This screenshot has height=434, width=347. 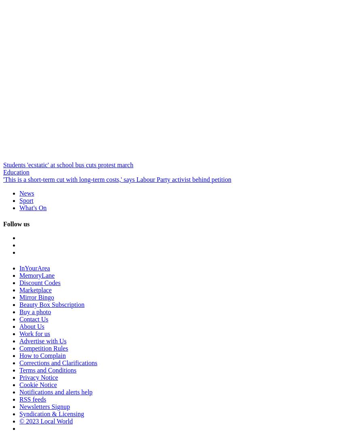 What do you see at coordinates (16, 172) in the screenshot?
I see `'Education'` at bounding box center [16, 172].